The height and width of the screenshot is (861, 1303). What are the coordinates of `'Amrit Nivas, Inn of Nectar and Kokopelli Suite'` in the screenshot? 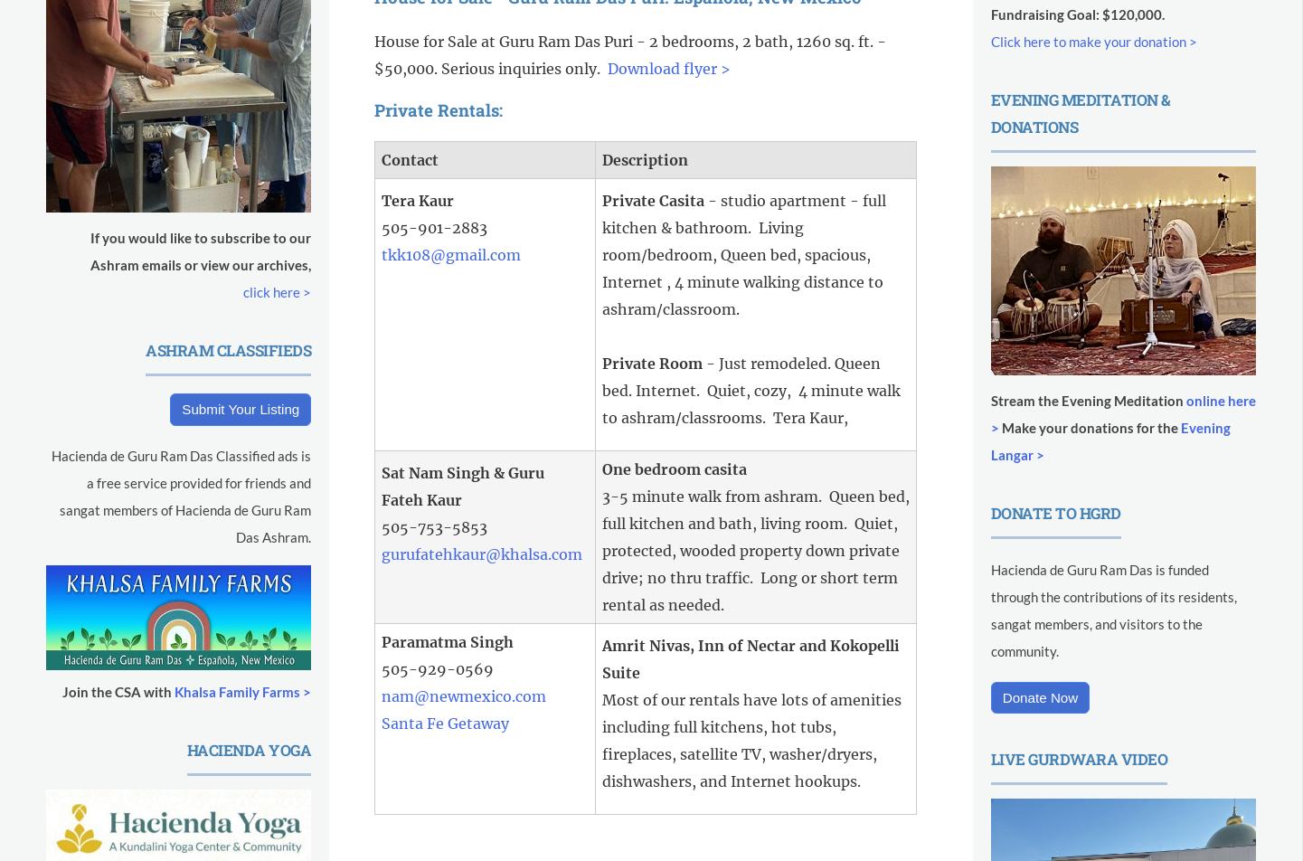 It's located at (750, 658).